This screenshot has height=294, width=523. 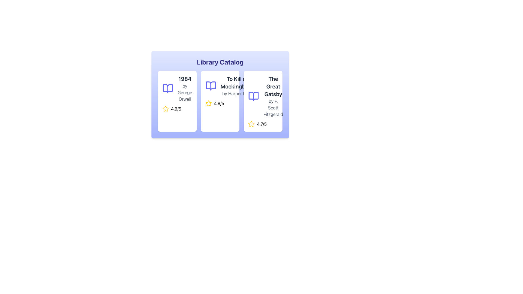 What do you see at coordinates (273, 86) in the screenshot?
I see `the Text Label displaying the title 'The Great Gatsby' in the rightmost book card of the catalog listing` at bounding box center [273, 86].